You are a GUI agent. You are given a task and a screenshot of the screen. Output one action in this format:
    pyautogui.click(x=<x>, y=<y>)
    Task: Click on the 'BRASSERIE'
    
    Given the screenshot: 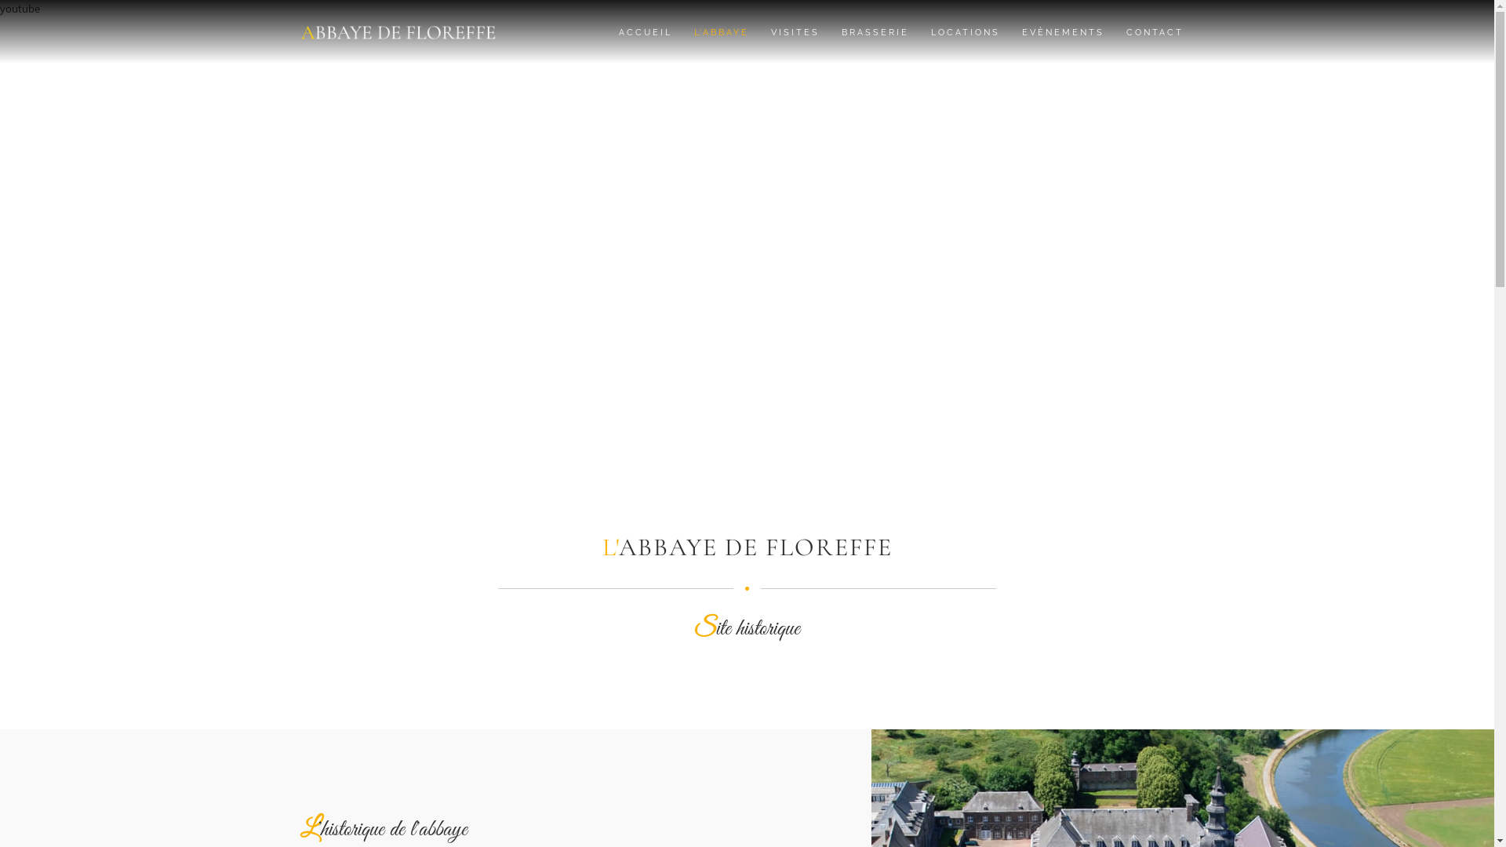 What is the action you would take?
    pyautogui.click(x=873, y=30)
    